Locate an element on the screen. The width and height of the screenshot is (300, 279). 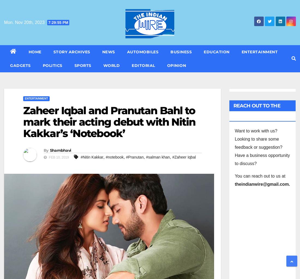
'Opinion' is located at coordinates (176, 66).